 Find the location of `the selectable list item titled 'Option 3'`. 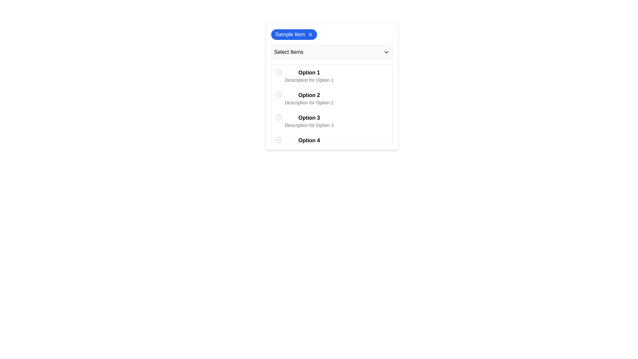

the selectable list item titled 'Option 3' is located at coordinates (309, 121).